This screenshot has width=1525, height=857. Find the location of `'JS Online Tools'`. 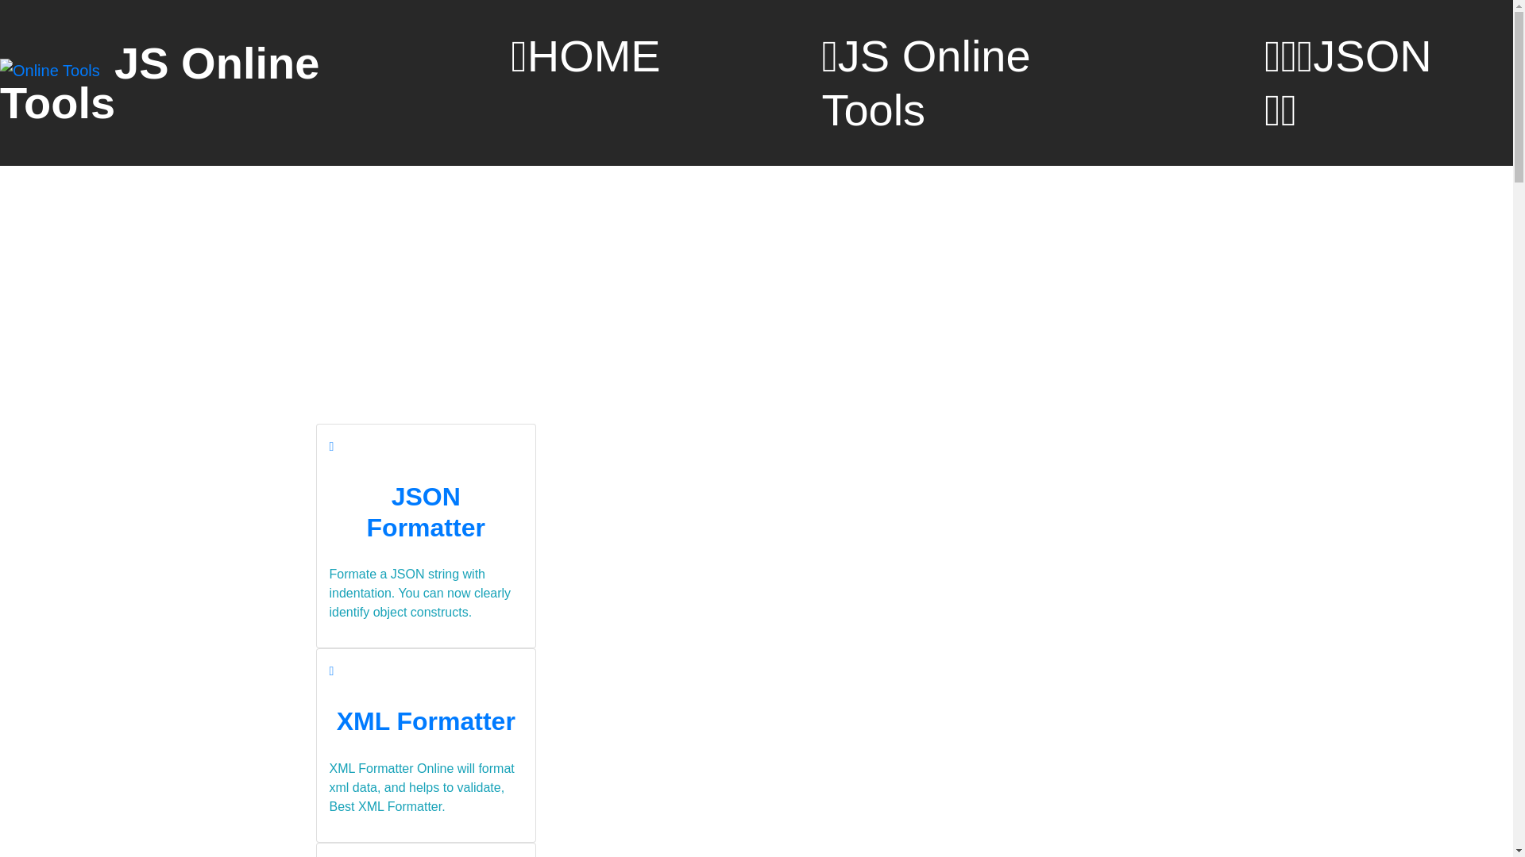

'JS Online Tools' is located at coordinates (961, 83).